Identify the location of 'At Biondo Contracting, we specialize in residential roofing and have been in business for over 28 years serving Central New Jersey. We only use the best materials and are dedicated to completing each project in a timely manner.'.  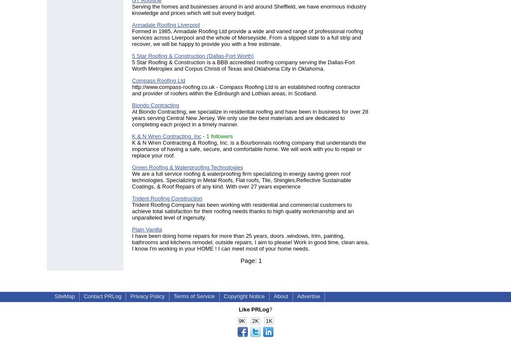
(250, 117).